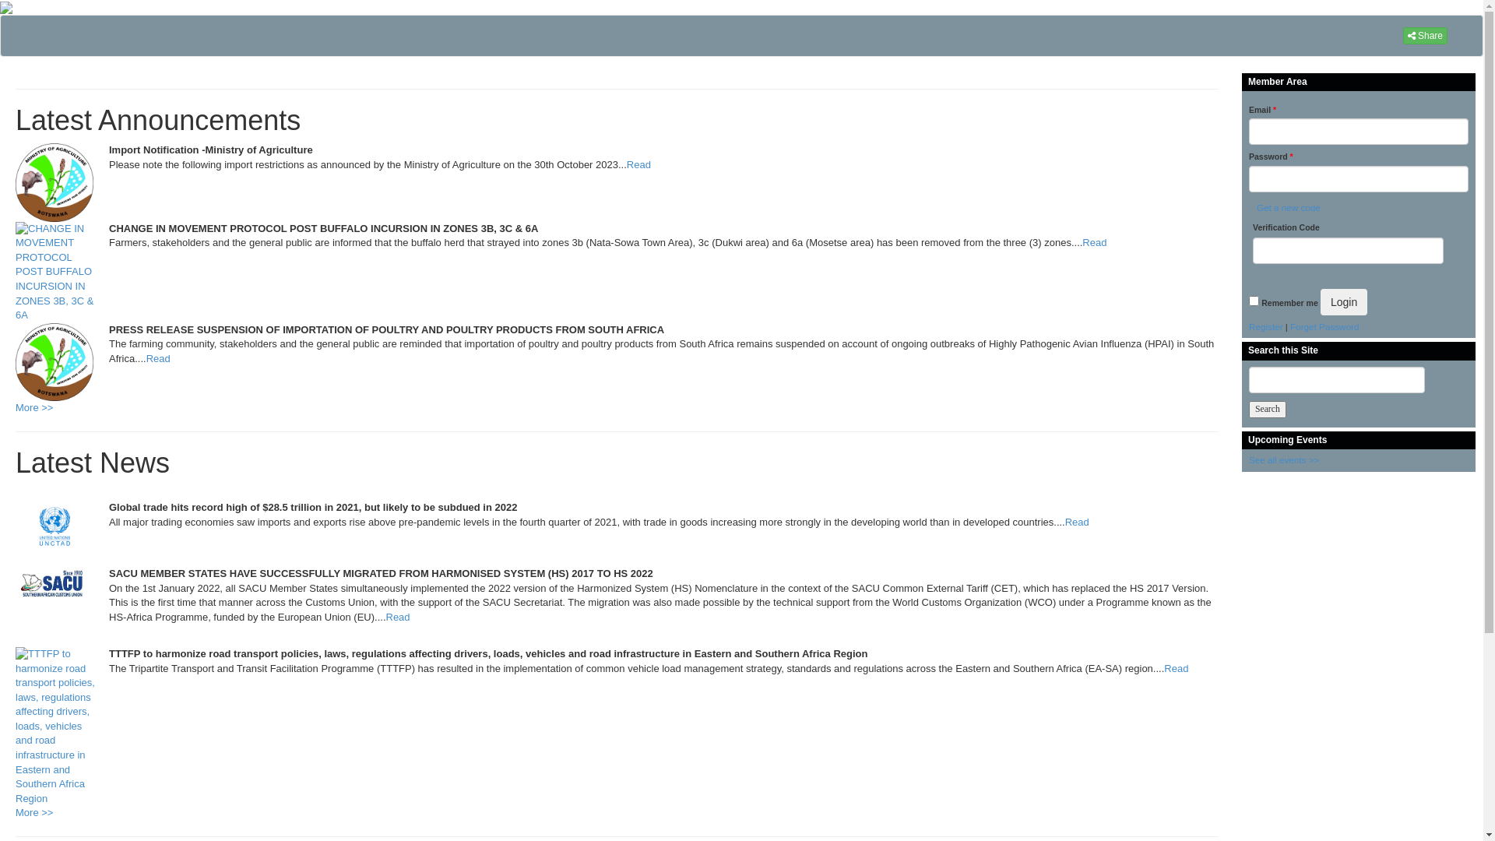 Image resolution: width=1495 pixels, height=841 pixels. I want to click on 'Register', so click(1266, 325).